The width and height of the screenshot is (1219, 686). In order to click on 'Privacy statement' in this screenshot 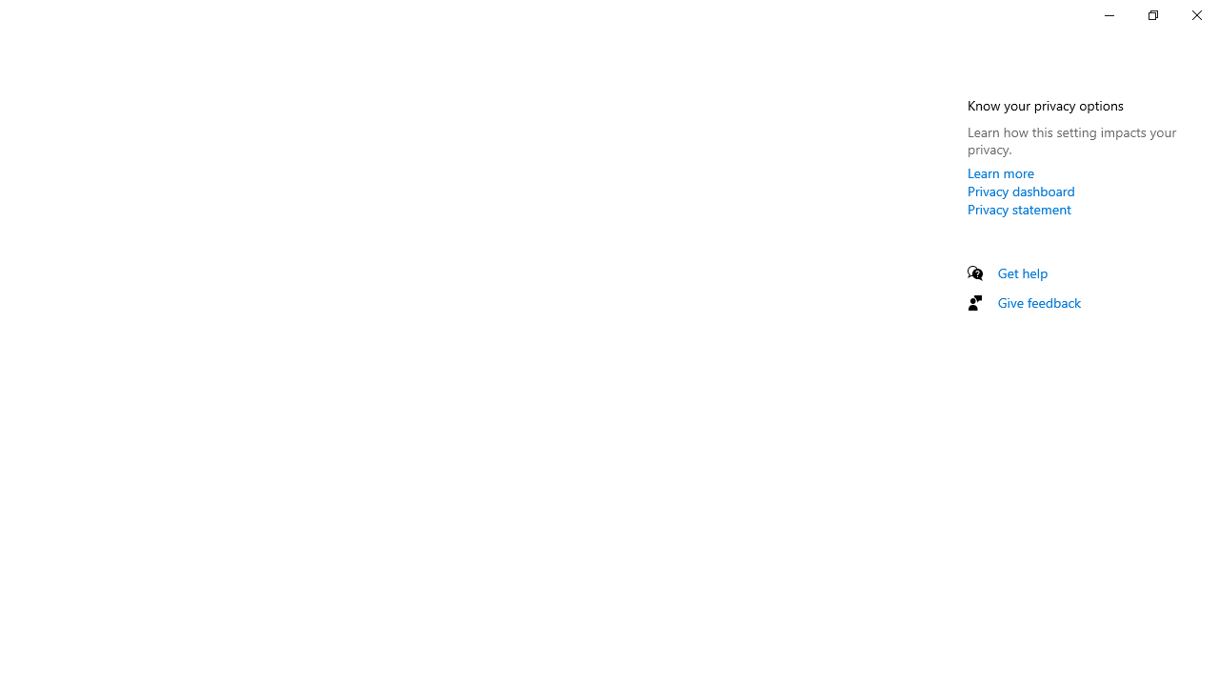, I will do `click(1018, 209)`.